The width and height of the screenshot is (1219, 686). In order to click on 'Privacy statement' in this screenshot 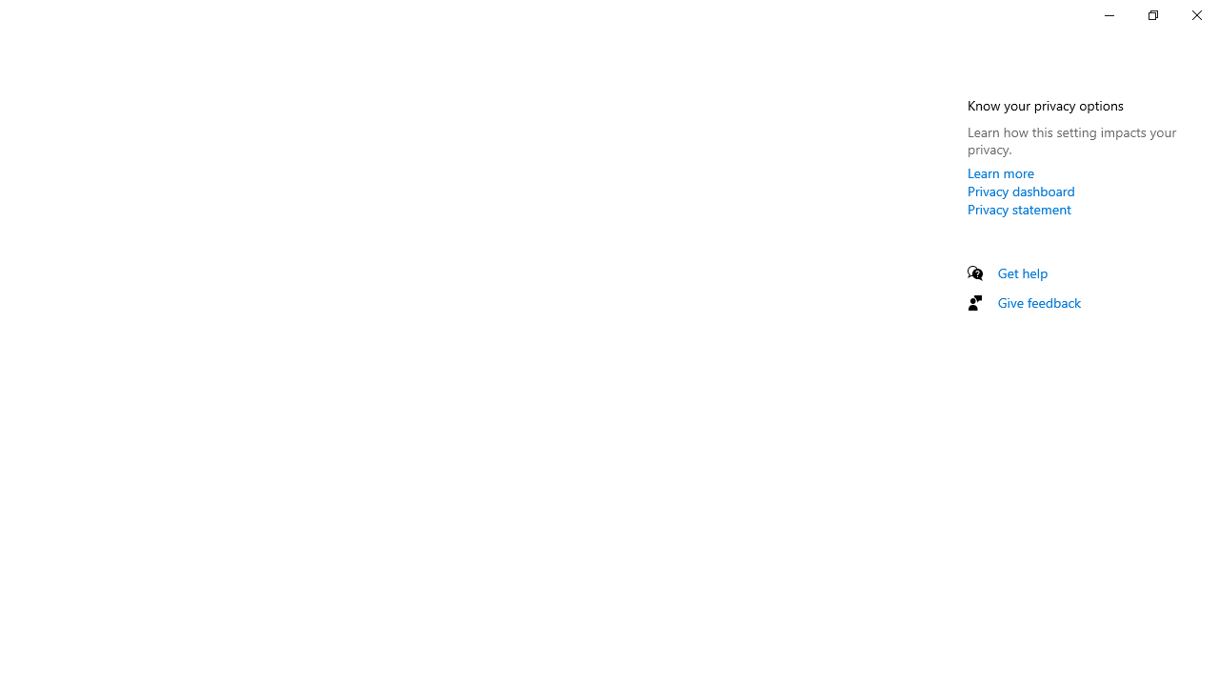, I will do `click(1018, 209)`.